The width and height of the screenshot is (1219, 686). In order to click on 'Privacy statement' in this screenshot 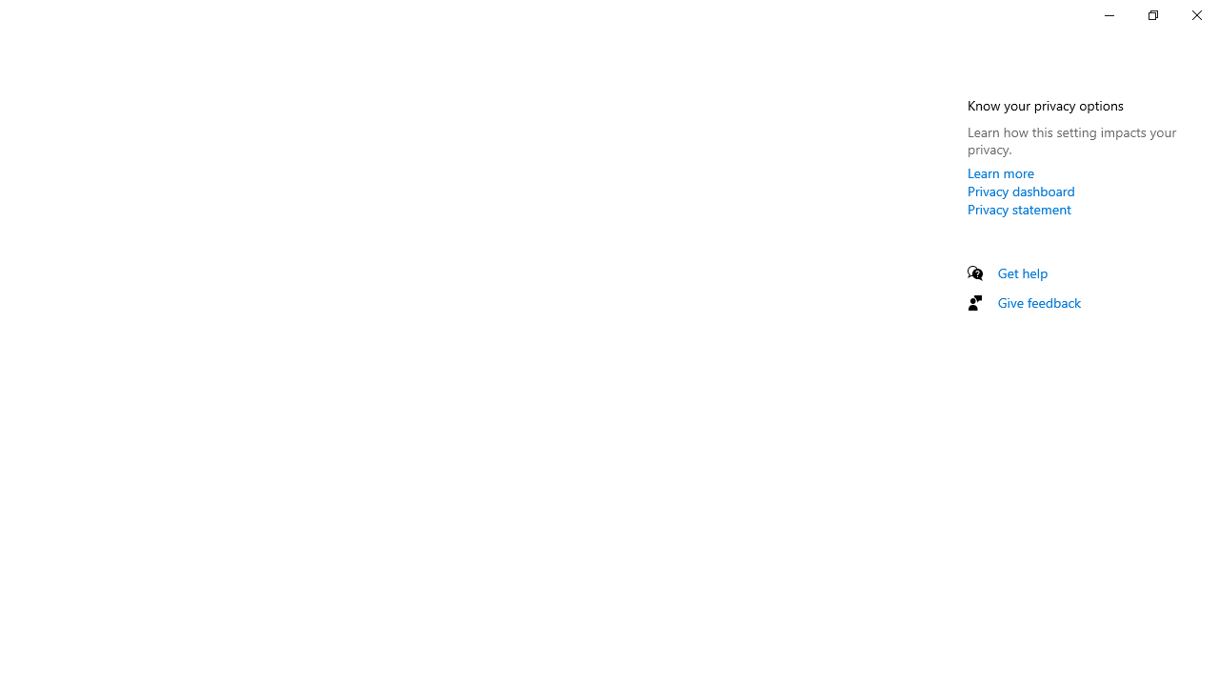, I will do `click(1018, 209)`.